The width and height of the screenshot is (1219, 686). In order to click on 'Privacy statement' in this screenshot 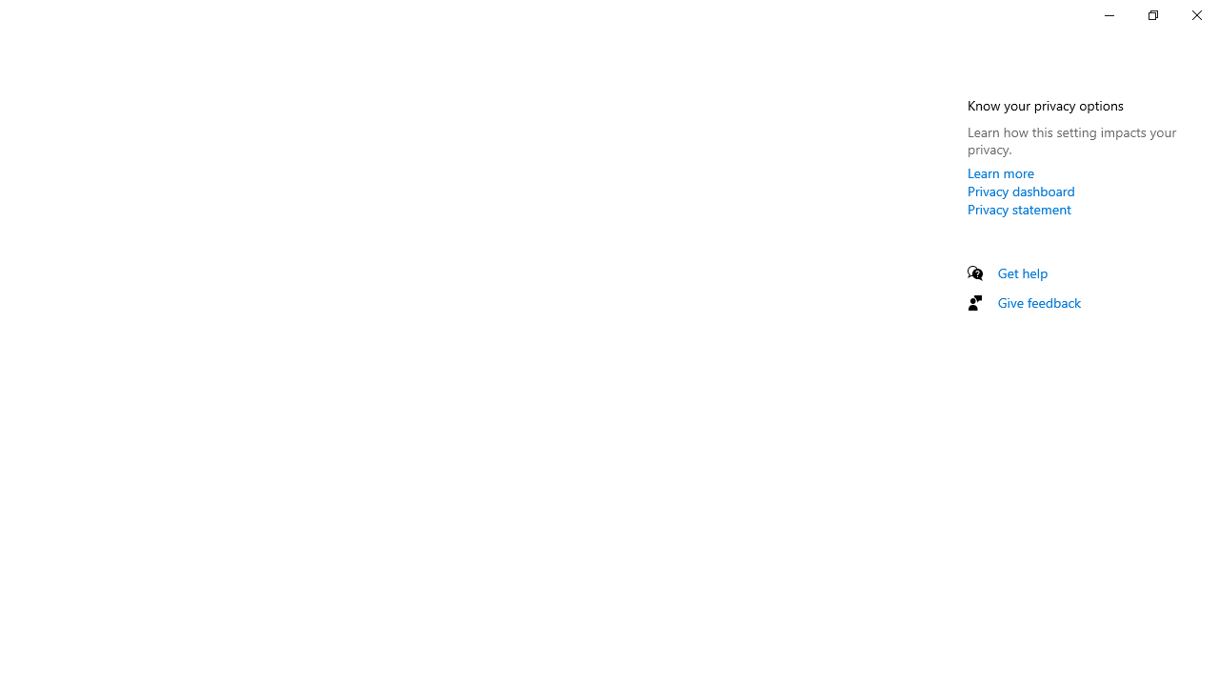, I will do `click(1018, 209)`.